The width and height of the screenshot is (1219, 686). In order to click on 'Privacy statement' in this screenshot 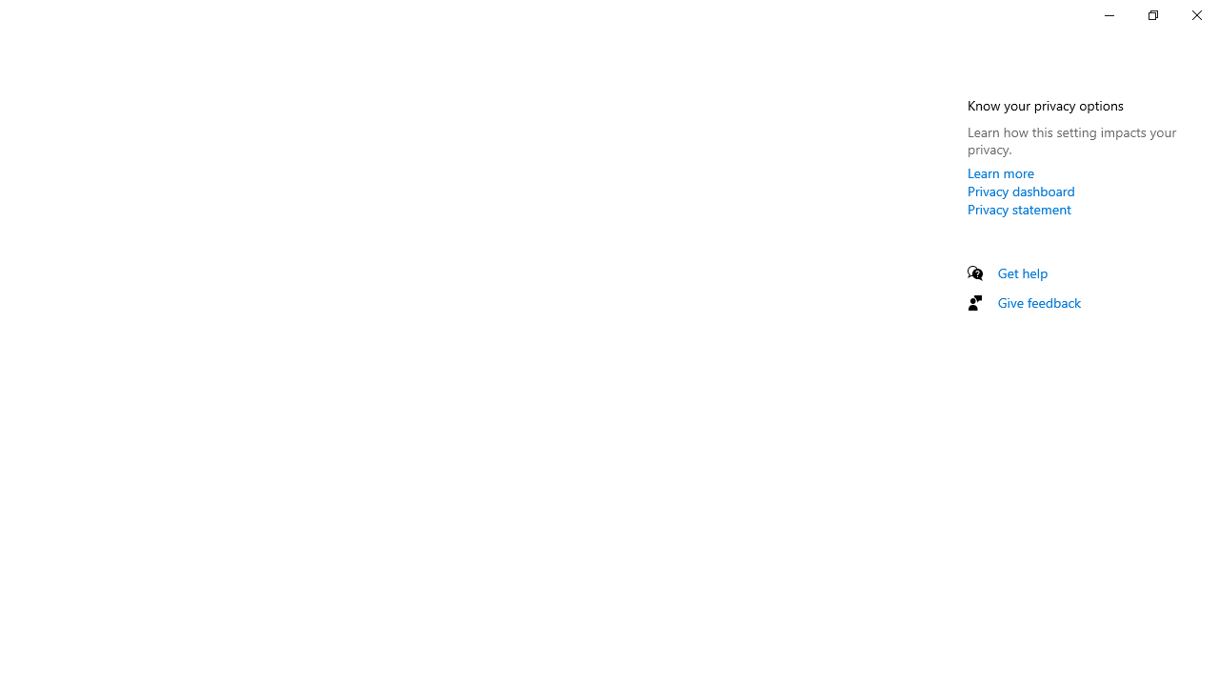, I will do `click(1018, 209)`.